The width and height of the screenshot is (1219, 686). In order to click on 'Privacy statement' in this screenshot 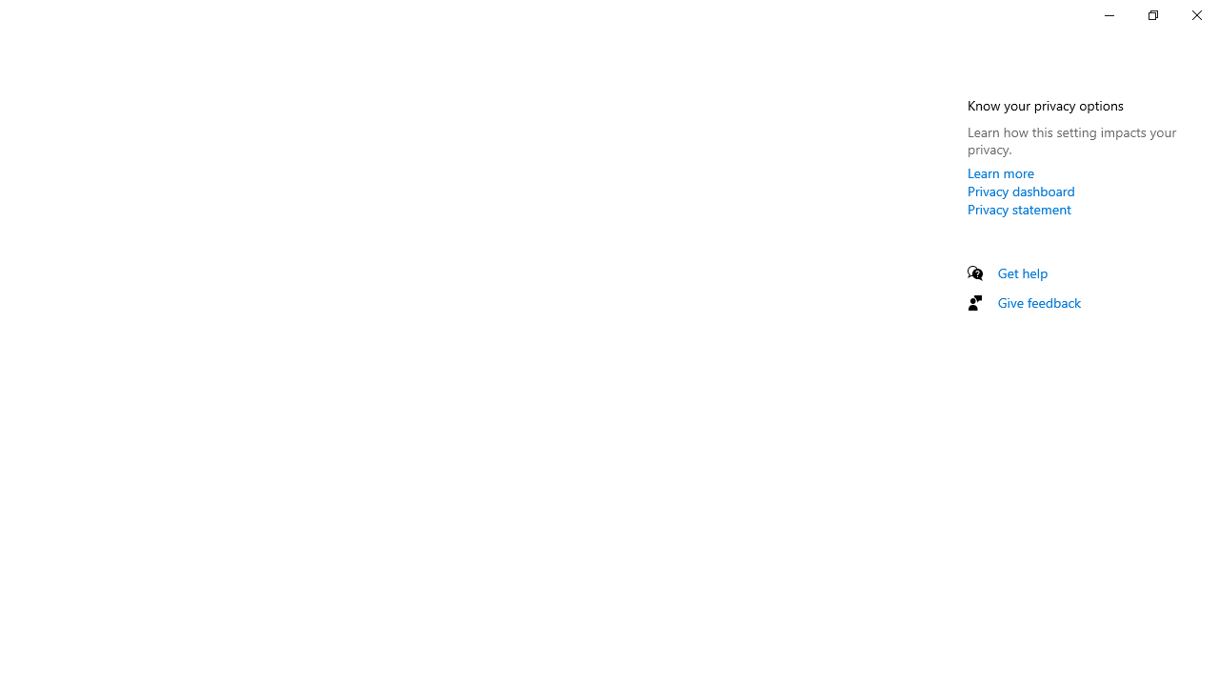, I will do `click(1018, 209)`.